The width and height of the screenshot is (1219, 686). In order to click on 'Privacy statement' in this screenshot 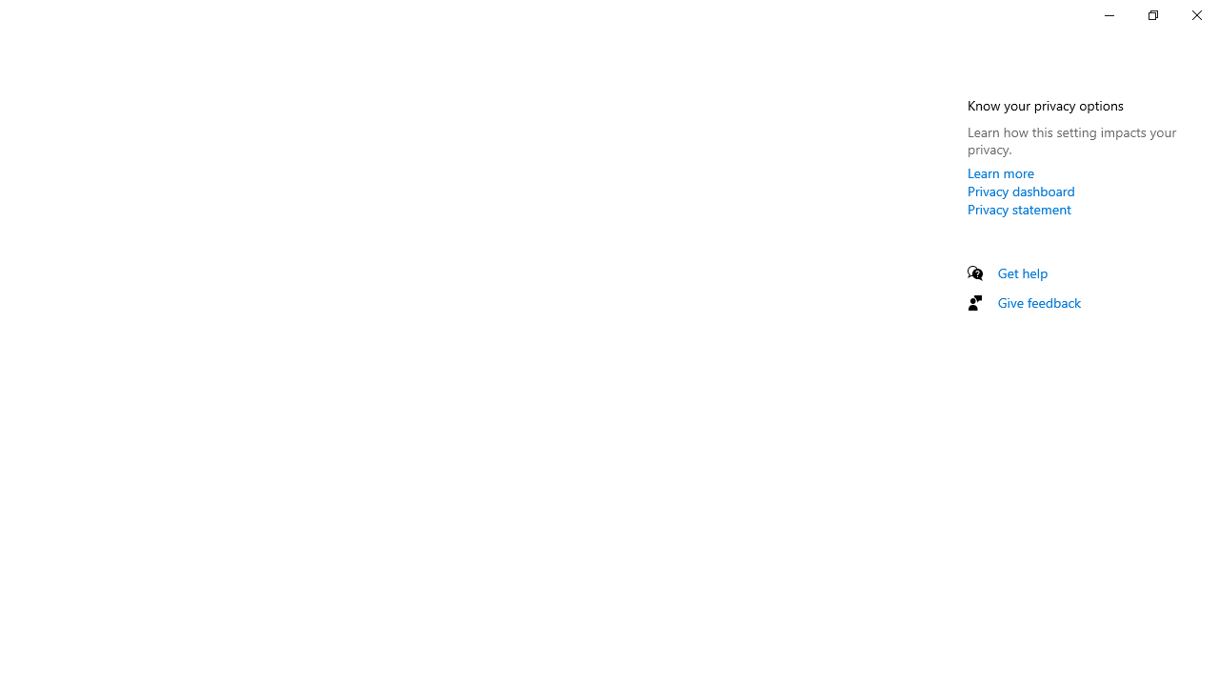, I will do `click(1018, 209)`.